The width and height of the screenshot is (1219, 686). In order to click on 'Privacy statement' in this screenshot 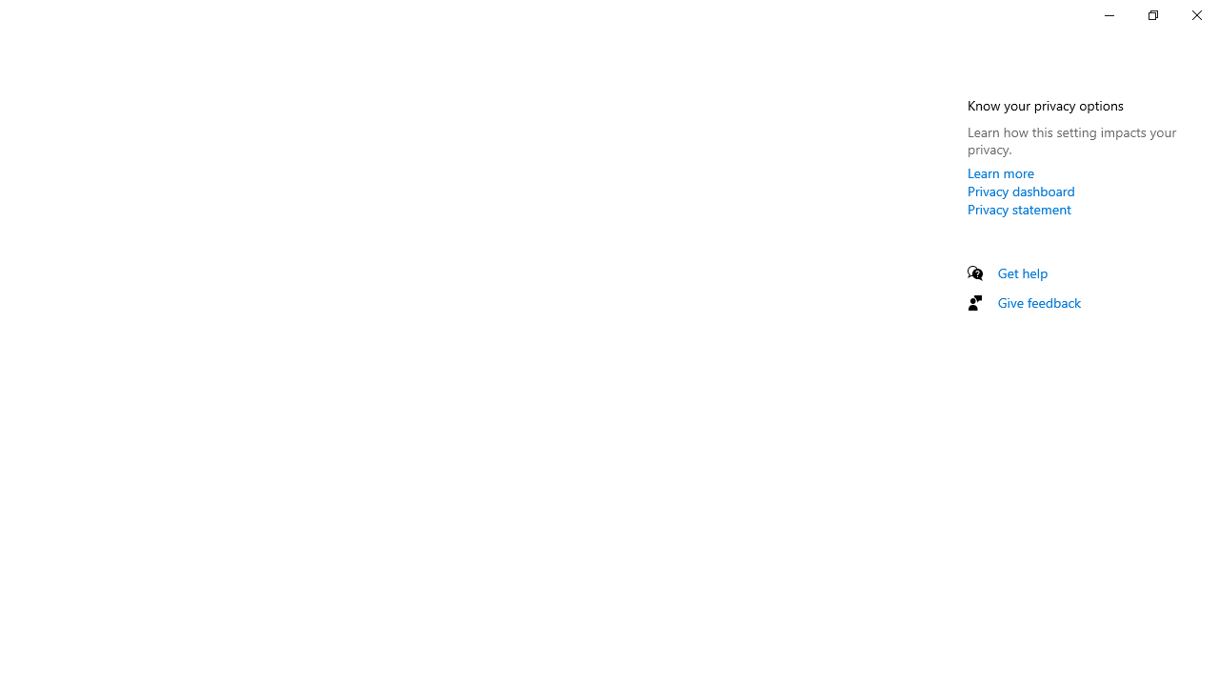, I will do `click(1018, 209)`.